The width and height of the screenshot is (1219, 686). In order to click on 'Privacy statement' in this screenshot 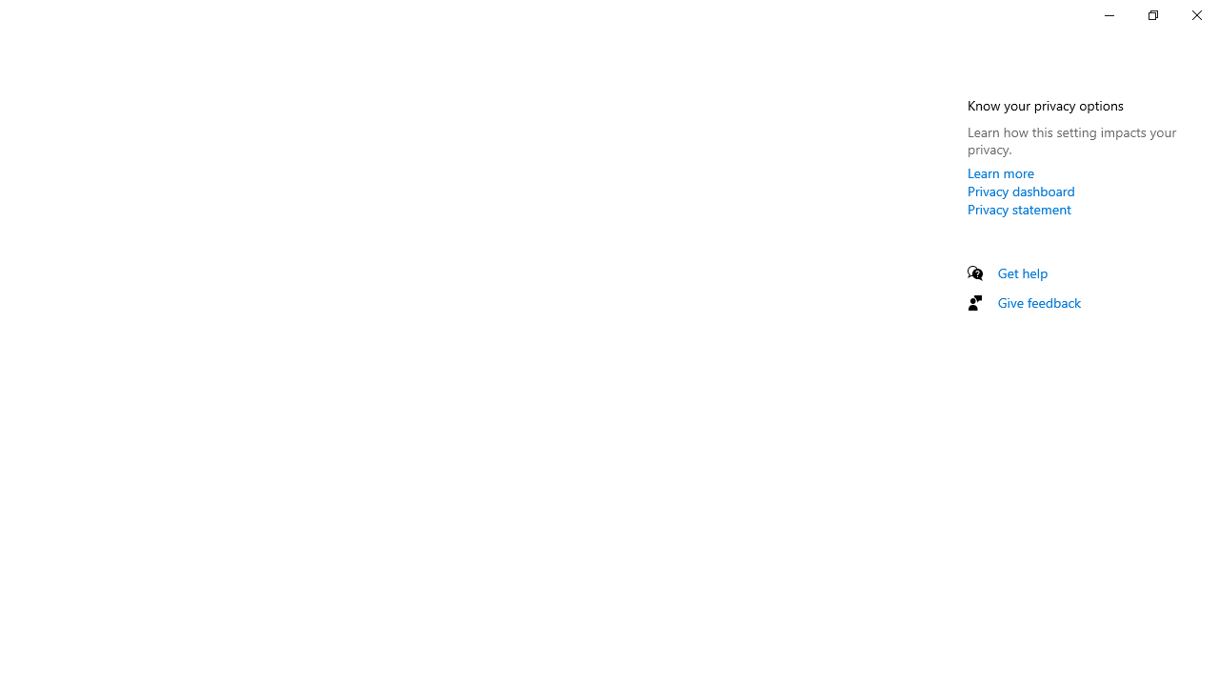, I will do `click(1018, 209)`.